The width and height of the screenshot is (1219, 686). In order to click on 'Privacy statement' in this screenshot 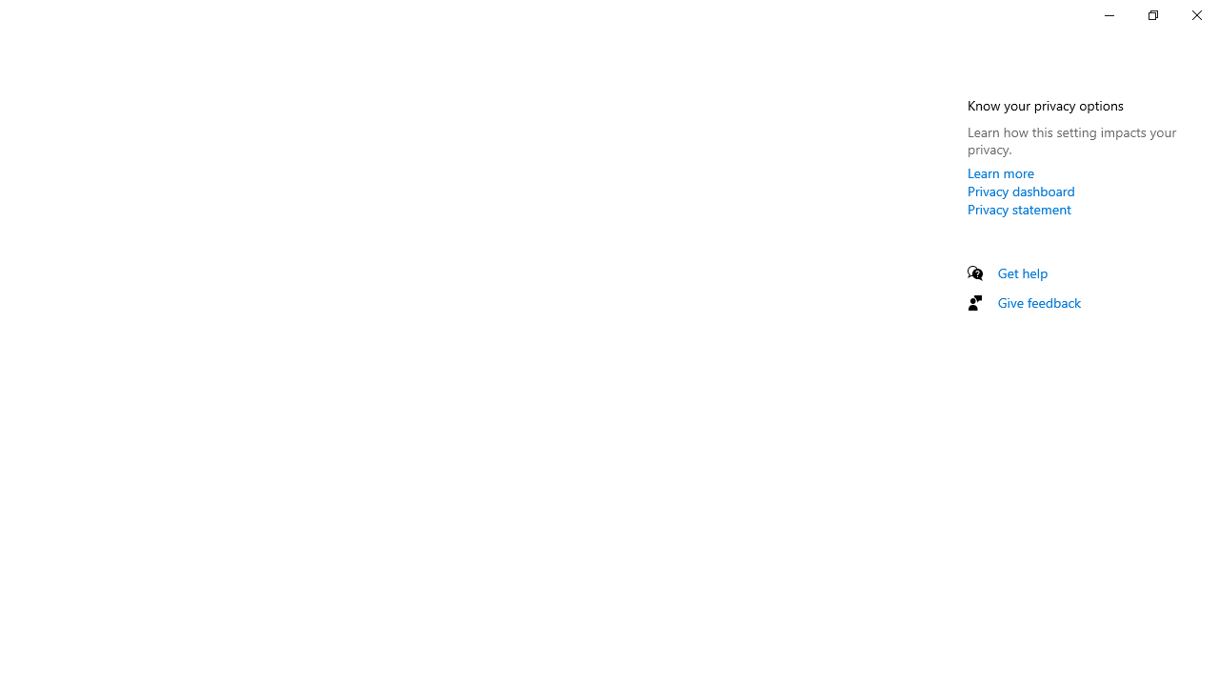, I will do `click(1018, 209)`.